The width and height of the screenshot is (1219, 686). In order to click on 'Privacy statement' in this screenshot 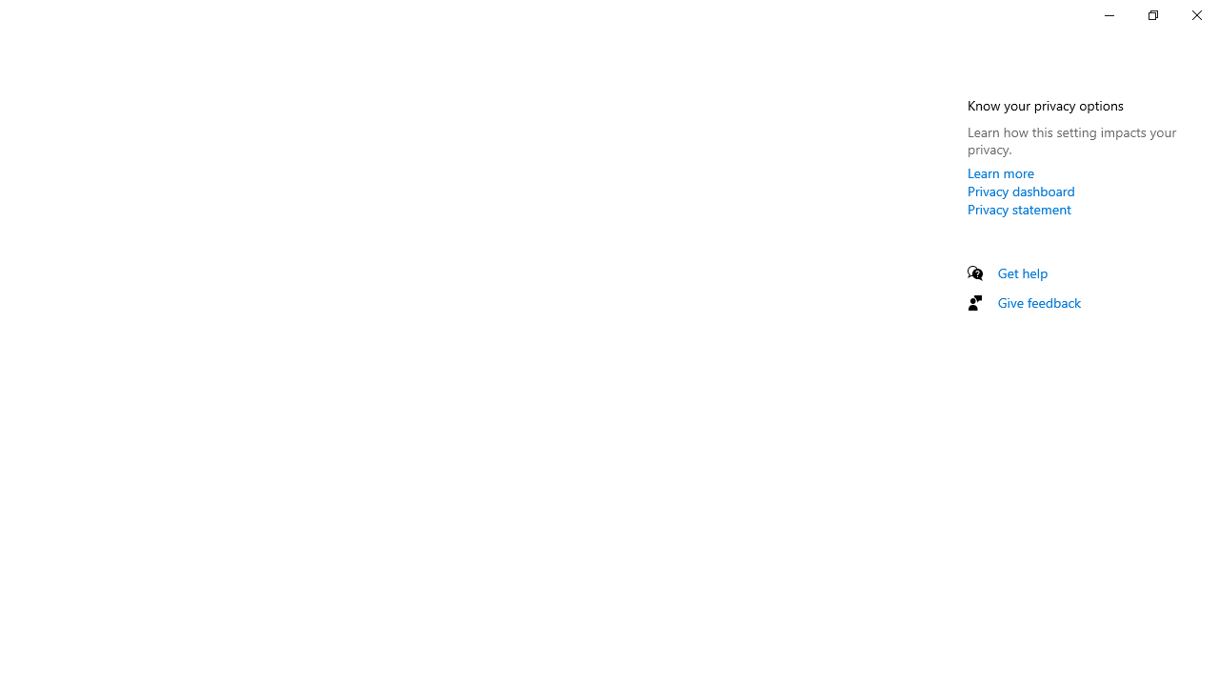, I will do `click(1018, 209)`.